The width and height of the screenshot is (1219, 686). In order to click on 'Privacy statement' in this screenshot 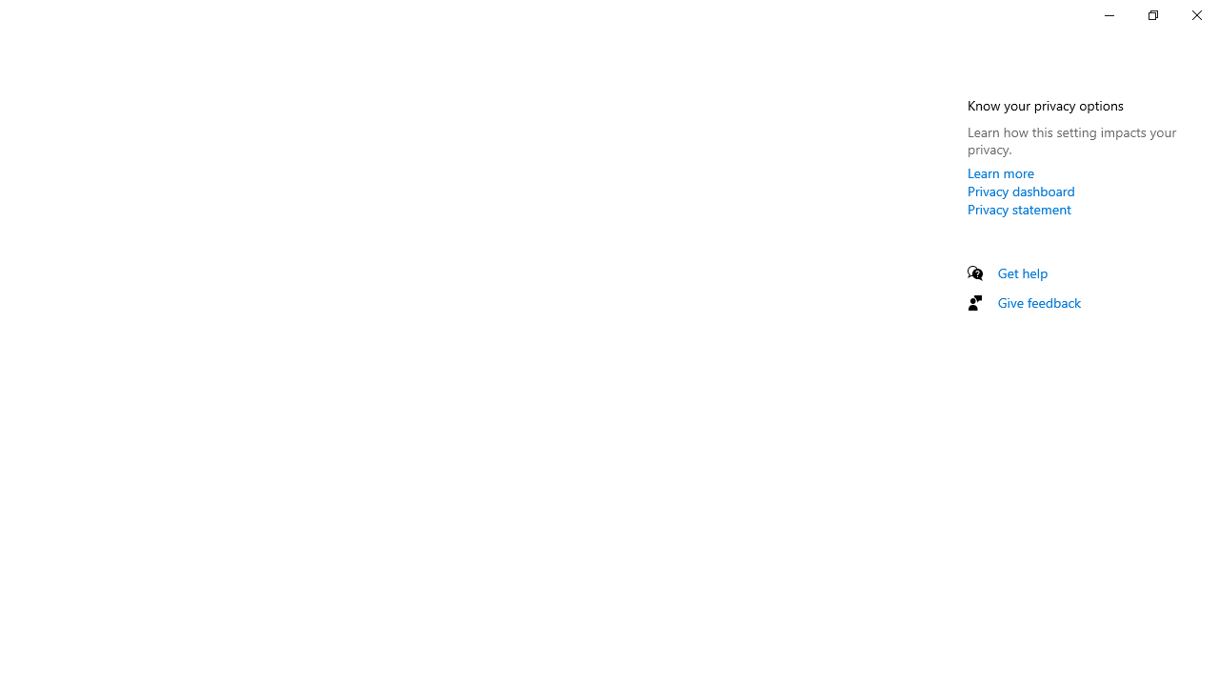, I will do `click(1018, 209)`.